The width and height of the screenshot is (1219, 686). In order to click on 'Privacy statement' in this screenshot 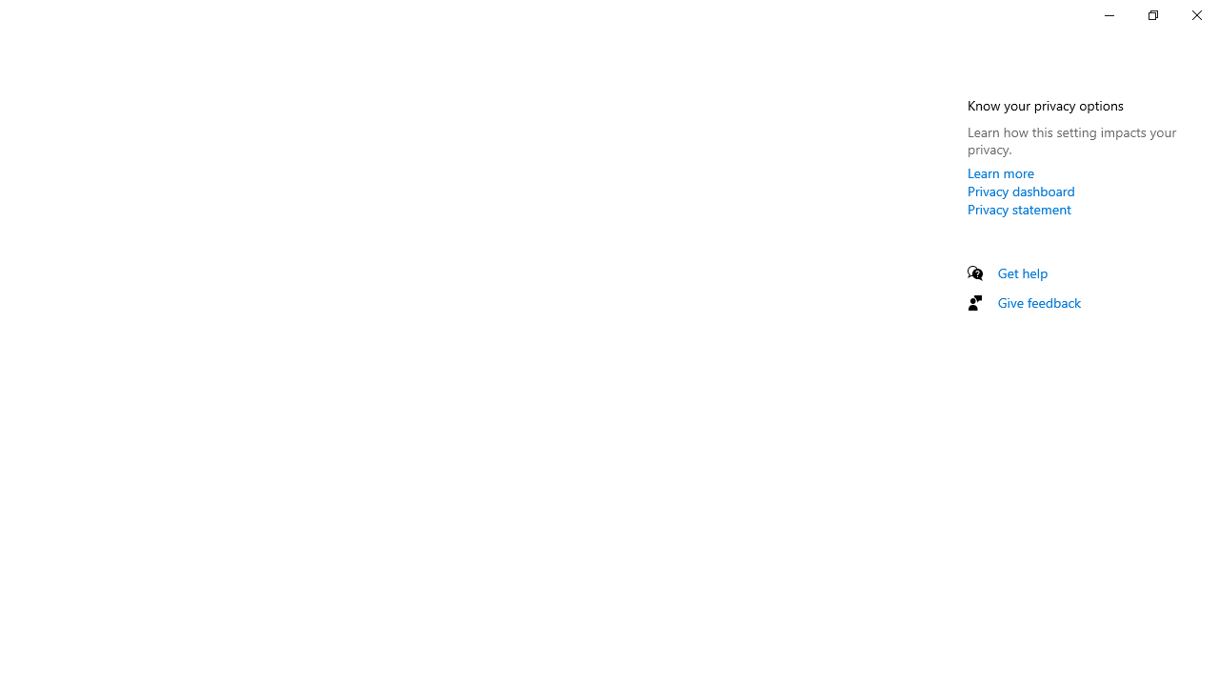, I will do `click(1018, 209)`.